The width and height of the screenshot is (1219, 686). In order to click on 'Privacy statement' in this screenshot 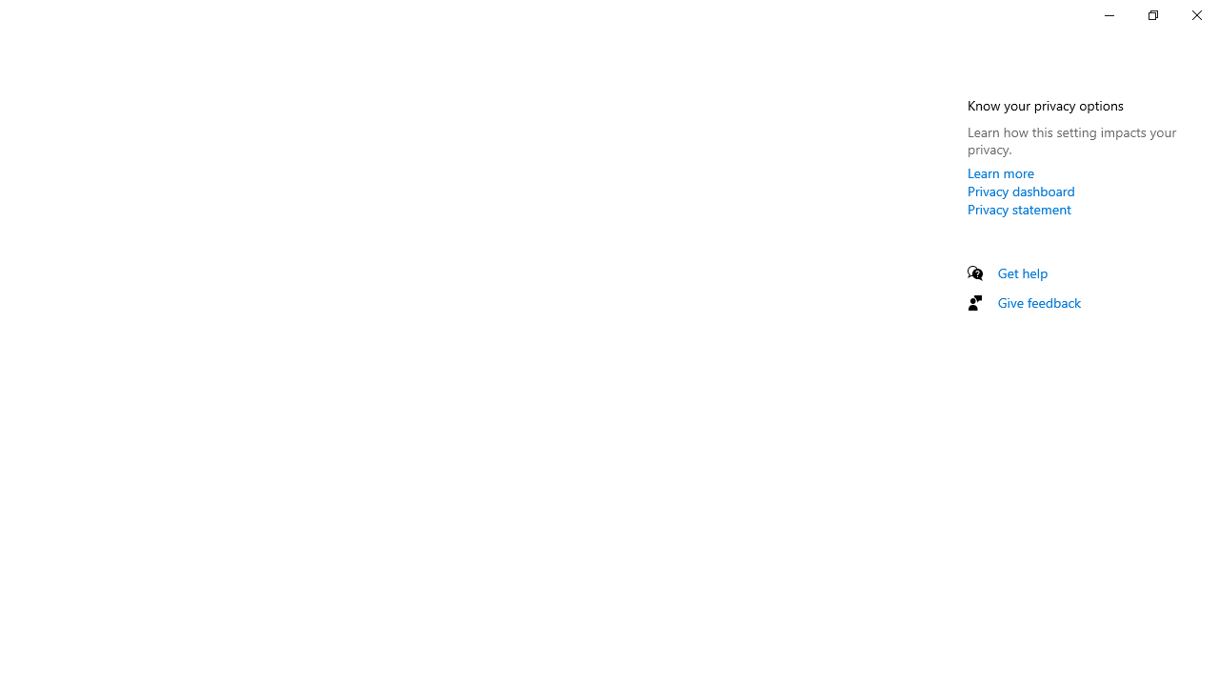, I will do `click(1018, 209)`.